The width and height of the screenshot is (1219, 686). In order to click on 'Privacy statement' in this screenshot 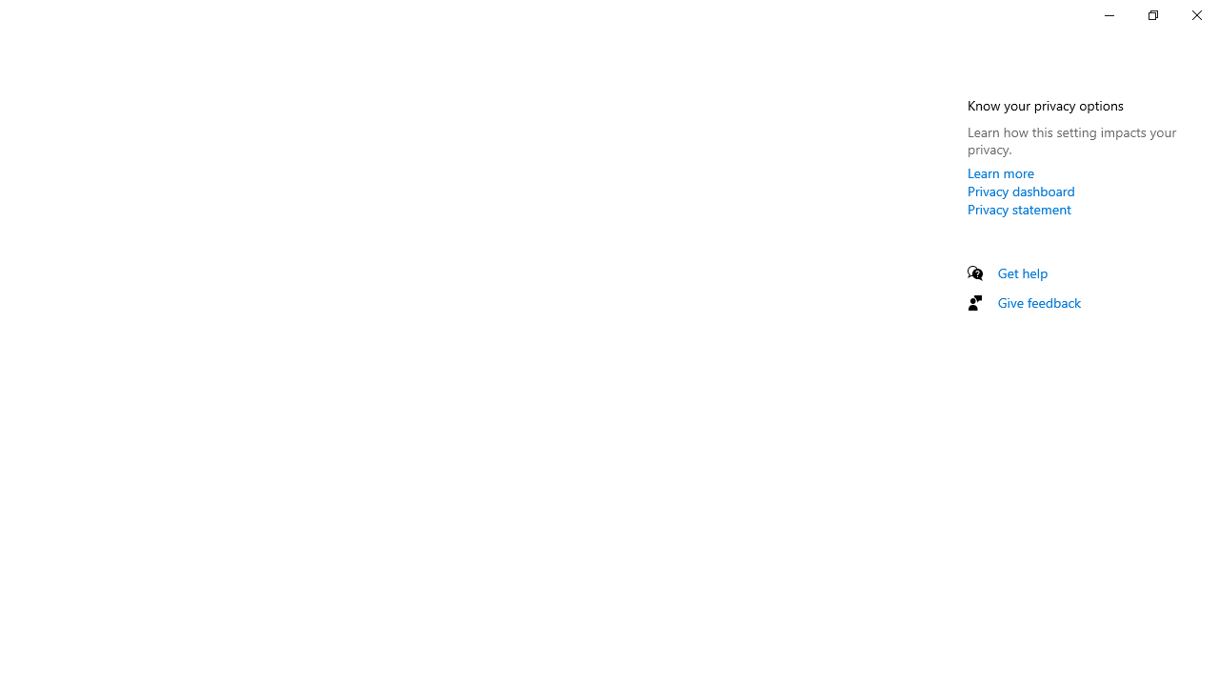, I will do `click(1018, 209)`.